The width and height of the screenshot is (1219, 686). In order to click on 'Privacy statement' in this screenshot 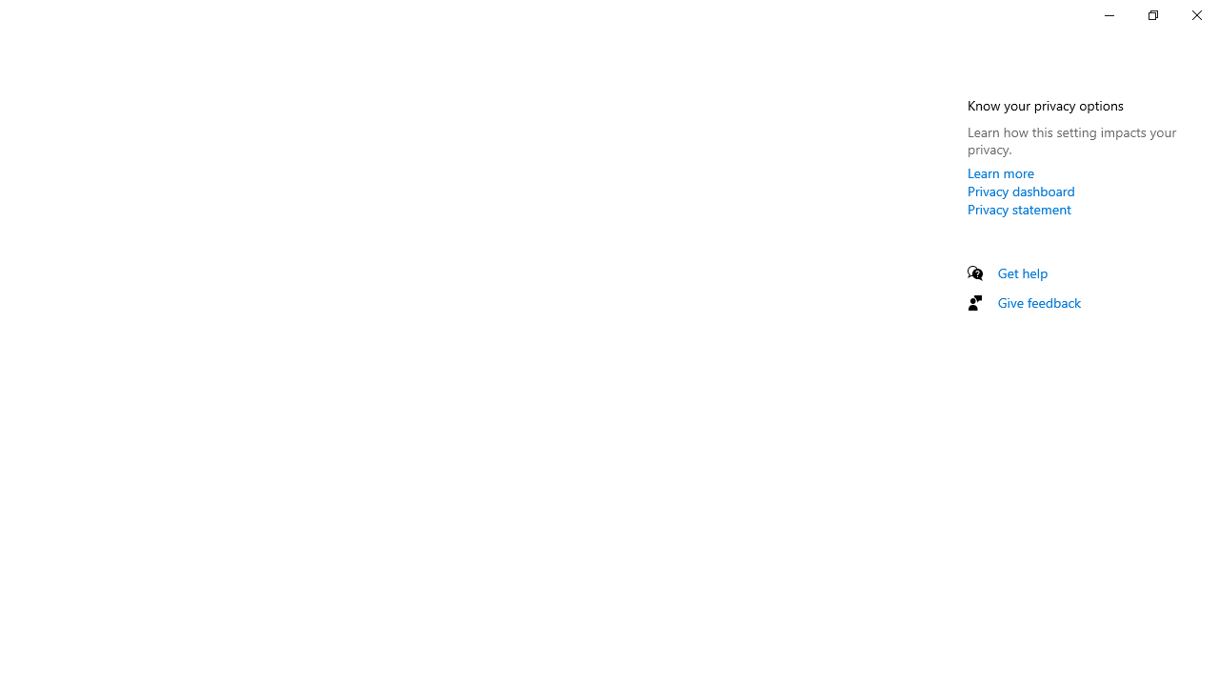, I will do `click(1018, 209)`.